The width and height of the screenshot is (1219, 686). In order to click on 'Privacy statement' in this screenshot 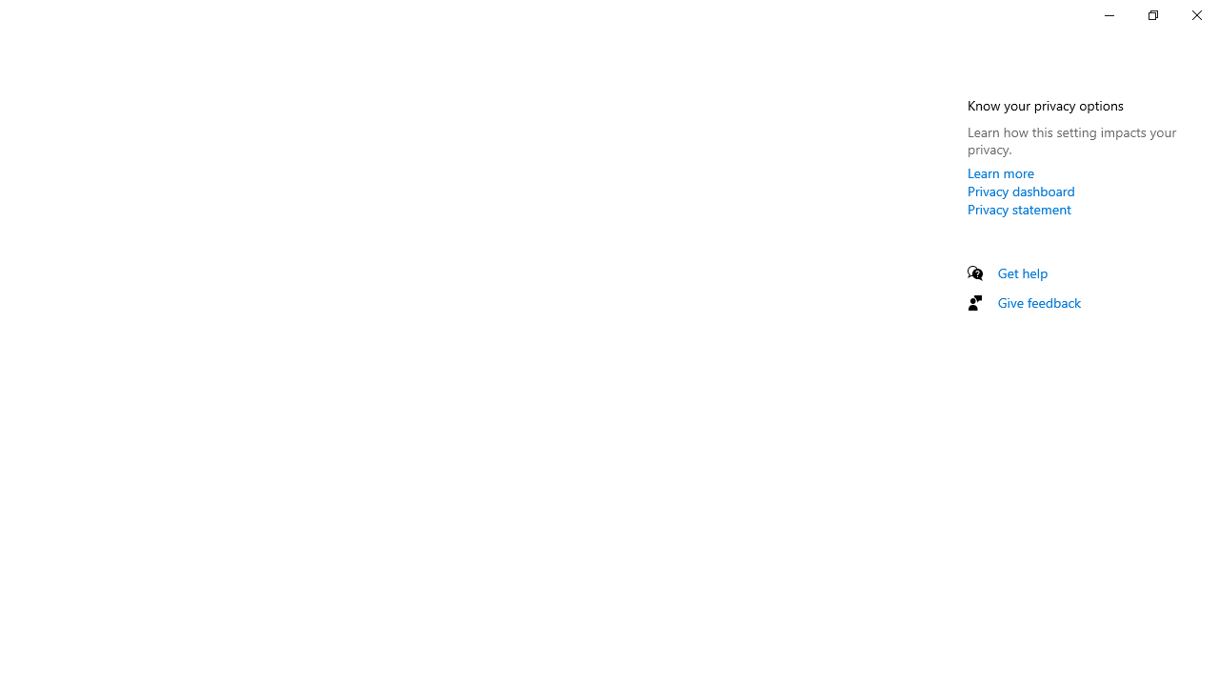, I will do `click(1018, 209)`.